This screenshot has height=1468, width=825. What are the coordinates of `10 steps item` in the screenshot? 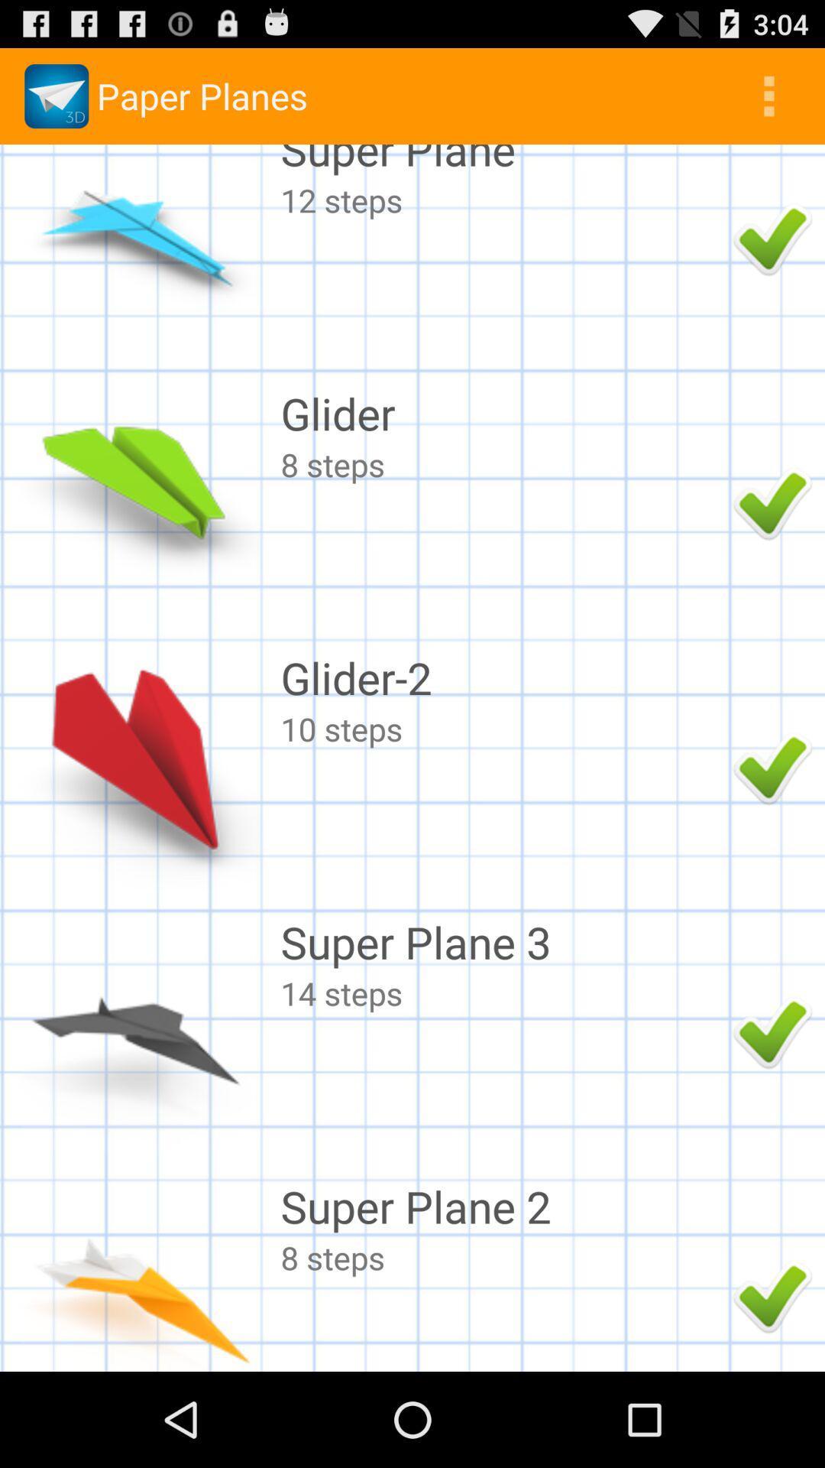 It's located at (503, 728).